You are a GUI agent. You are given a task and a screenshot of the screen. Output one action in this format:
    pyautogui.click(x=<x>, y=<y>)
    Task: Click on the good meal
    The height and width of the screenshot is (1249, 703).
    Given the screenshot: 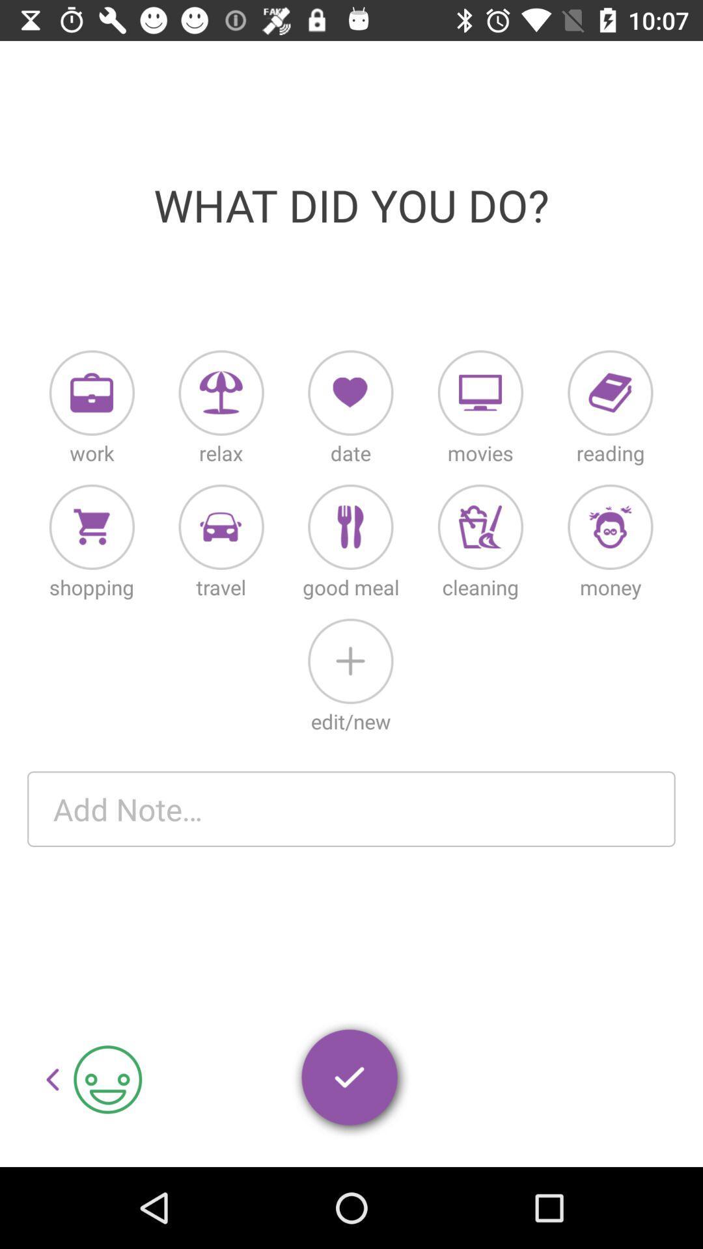 What is the action you would take?
    pyautogui.click(x=350, y=527)
    